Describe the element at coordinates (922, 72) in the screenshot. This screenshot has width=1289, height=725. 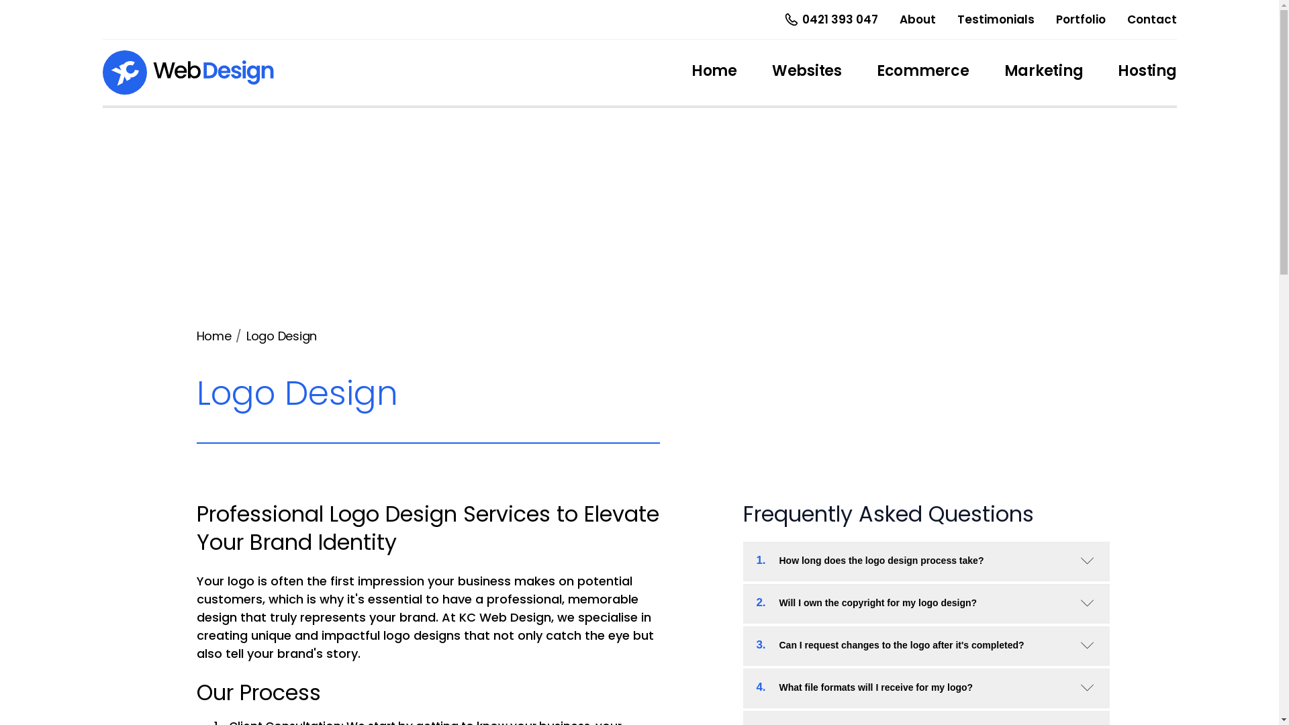
I see `'Ecommerce'` at that location.